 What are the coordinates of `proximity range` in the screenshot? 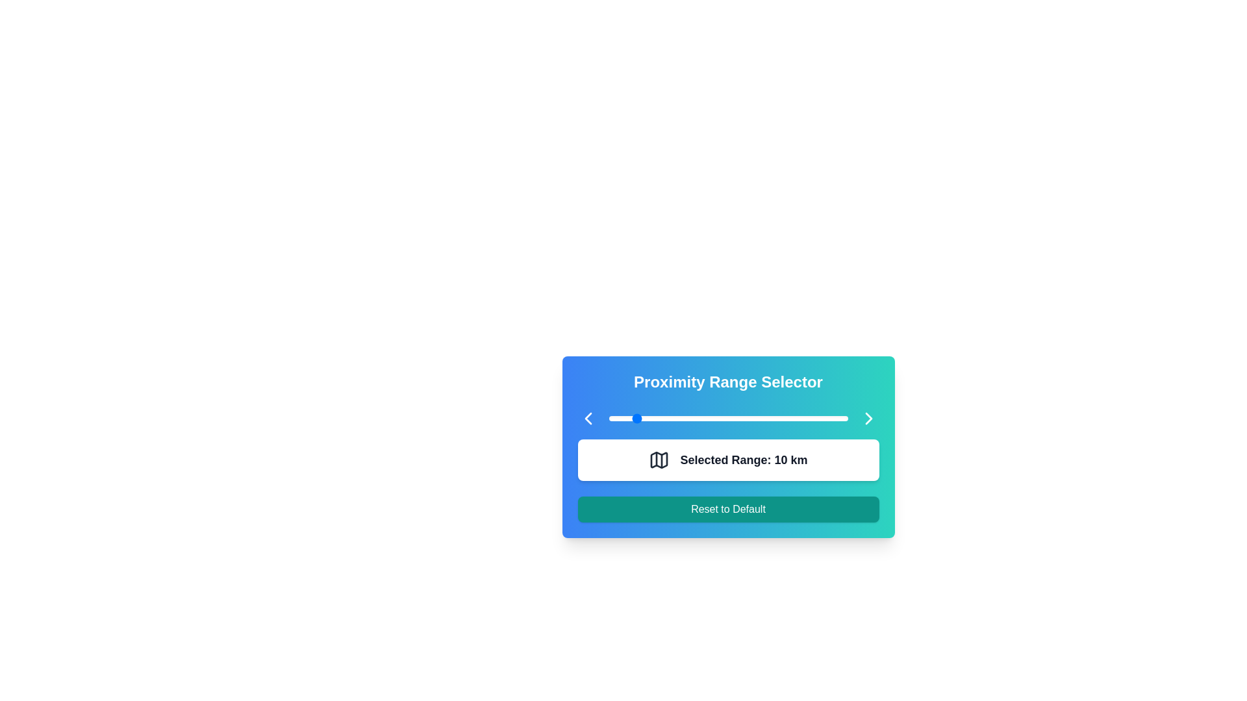 It's located at (809, 418).